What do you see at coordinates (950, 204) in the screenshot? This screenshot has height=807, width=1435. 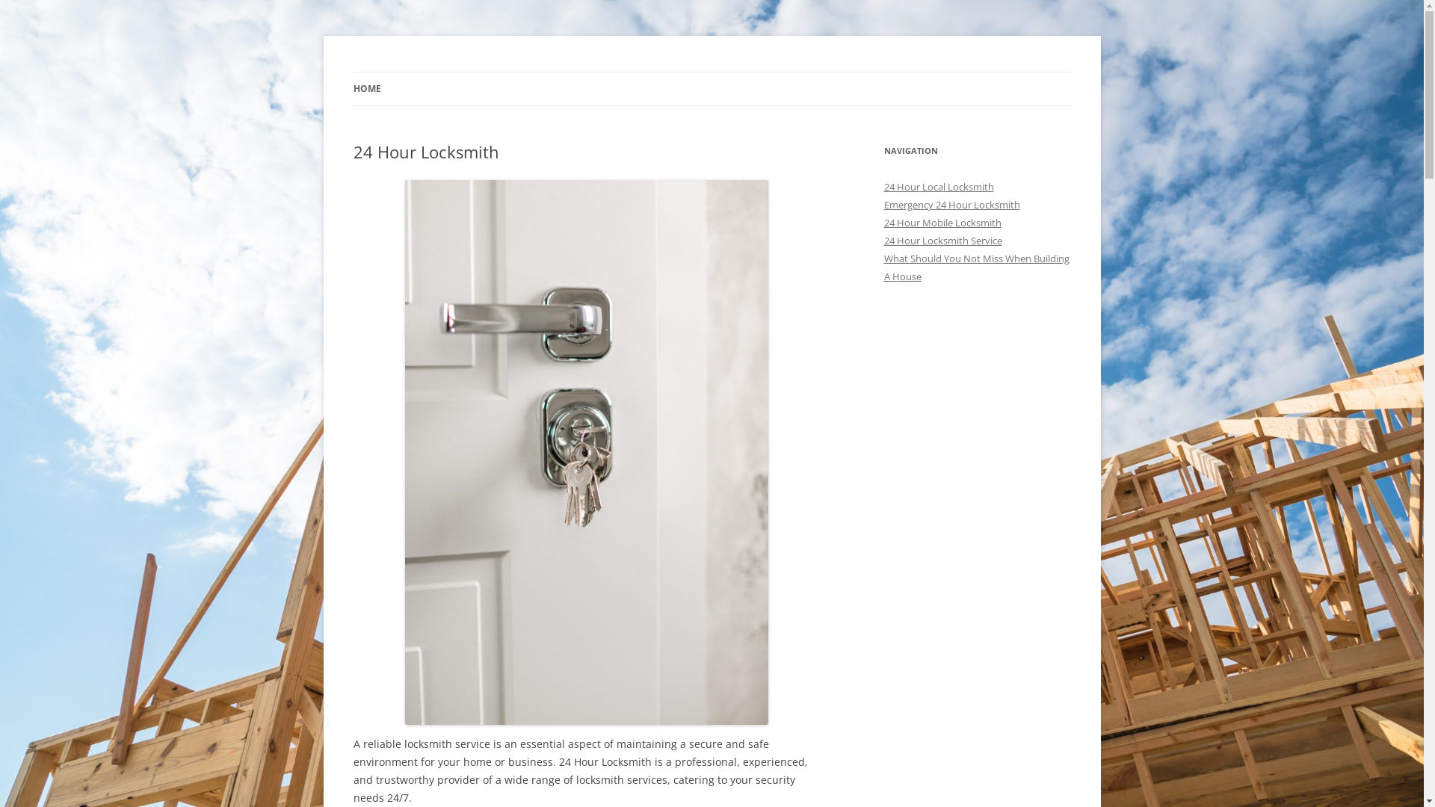 I see `'Emergency 24 Hour Locksmith'` at bounding box center [950, 204].